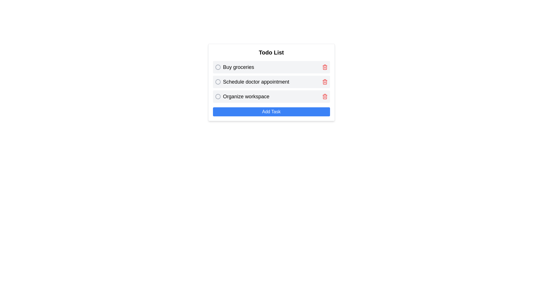  I want to click on the 'Add Task' button, which is the only interactive button located at the bottom of the 'Todo List' card, featuring white text on a blue rectangle, so click(271, 112).